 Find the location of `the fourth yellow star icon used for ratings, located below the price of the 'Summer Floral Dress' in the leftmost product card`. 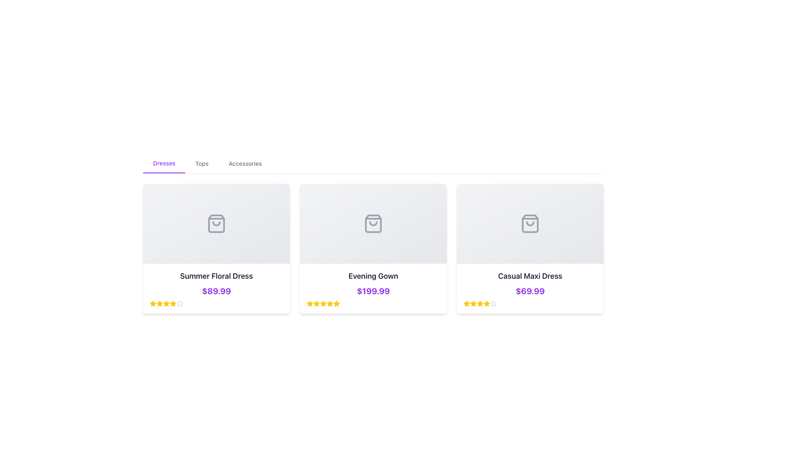

the fourth yellow star icon used for ratings, located below the price of the 'Summer Floral Dress' in the leftmost product card is located at coordinates (172, 303).